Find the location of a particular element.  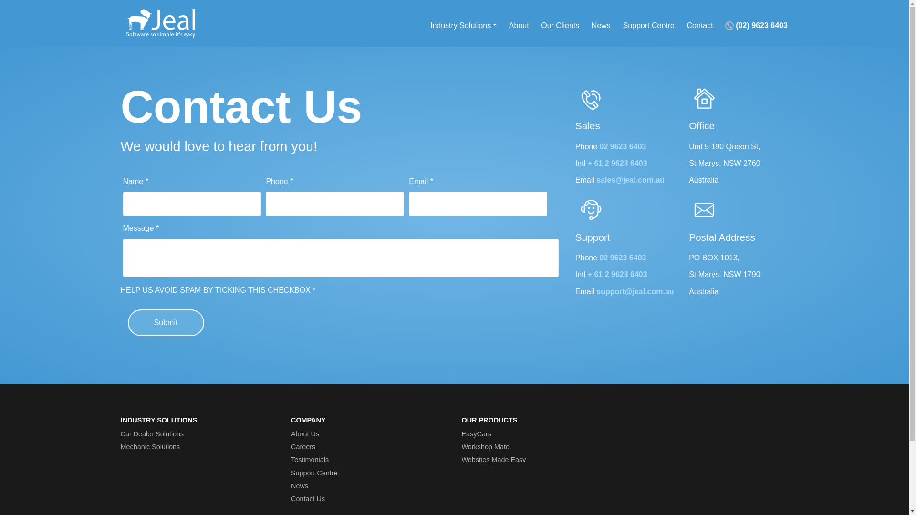

'support@jeal.com.au' is located at coordinates (635, 290).